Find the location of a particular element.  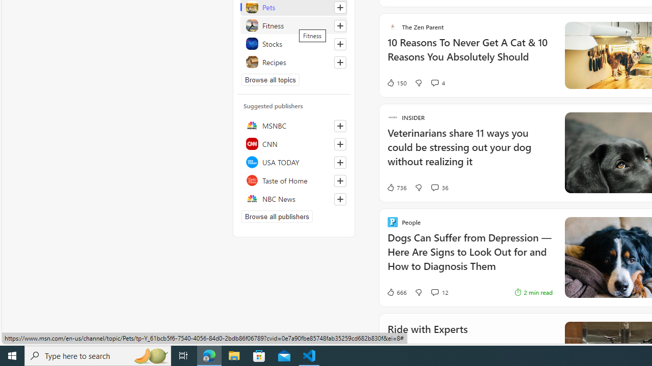

'Ride with Experts' is located at coordinates (427, 343).